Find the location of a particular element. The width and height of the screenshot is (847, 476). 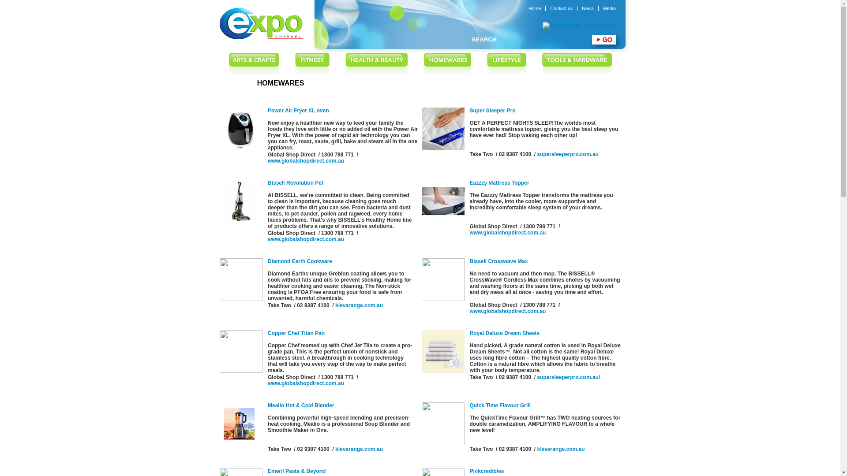

'Copper Chef Titan Pan' is located at coordinates (296, 333).